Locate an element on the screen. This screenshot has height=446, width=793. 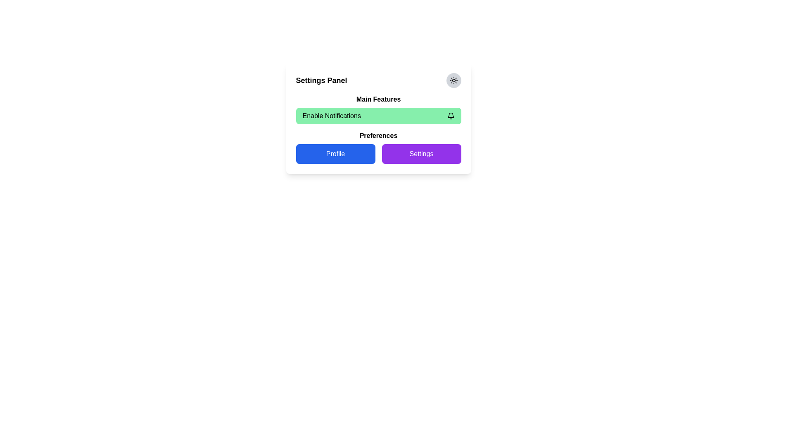
the blue 'Profile' button with white text in the Preferences section of the settings panel is located at coordinates (335, 154).